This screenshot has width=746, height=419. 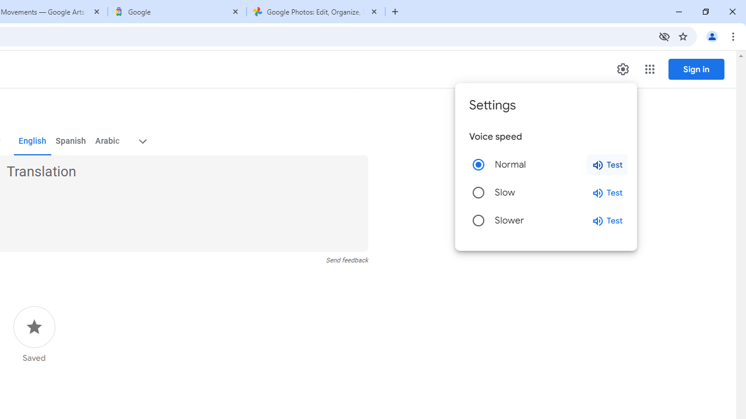 What do you see at coordinates (346, 260) in the screenshot?
I see `'Send feedback'` at bounding box center [346, 260].